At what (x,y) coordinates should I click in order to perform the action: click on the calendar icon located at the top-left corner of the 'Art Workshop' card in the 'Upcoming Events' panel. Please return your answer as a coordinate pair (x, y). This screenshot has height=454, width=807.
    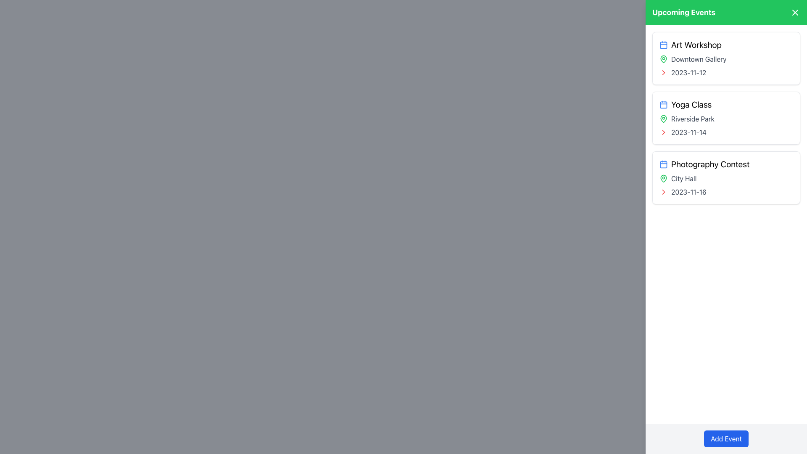
    Looking at the image, I should click on (663, 45).